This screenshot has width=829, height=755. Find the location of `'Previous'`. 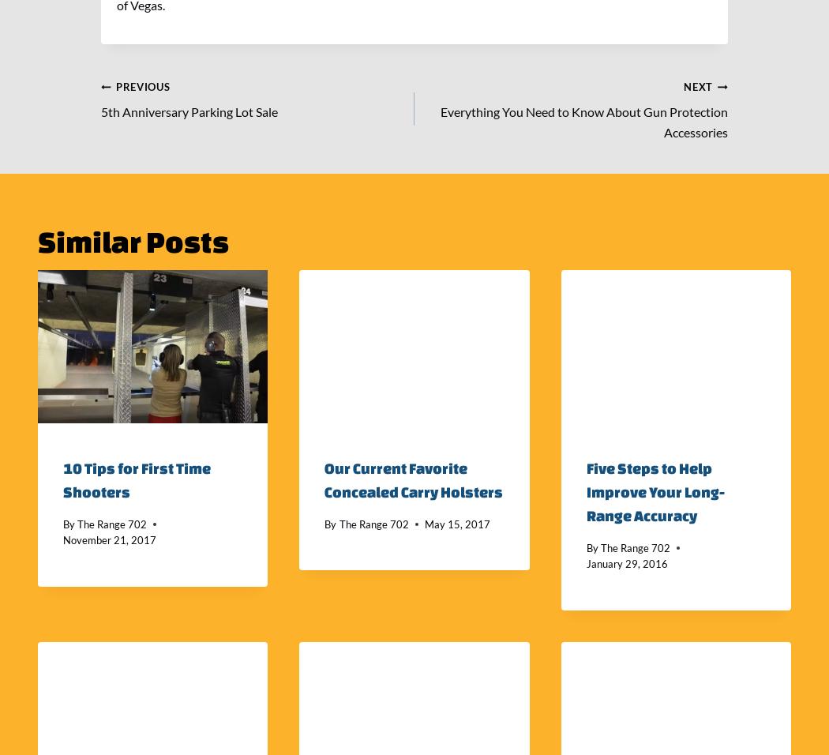

'Previous' is located at coordinates (143, 85).